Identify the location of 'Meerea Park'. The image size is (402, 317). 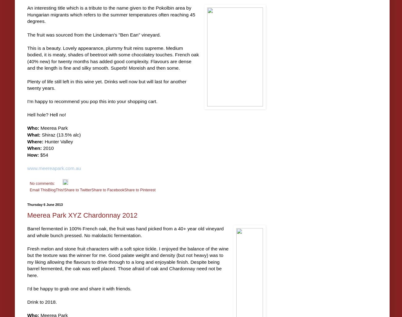
(53, 128).